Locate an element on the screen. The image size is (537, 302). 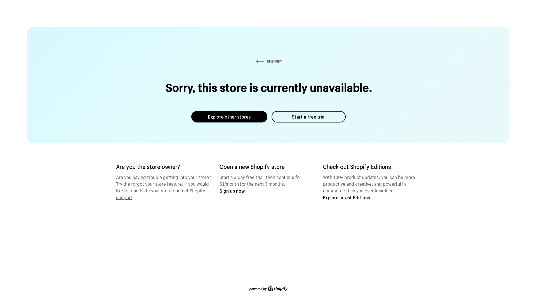
'SHOPIFY' is located at coordinates (268, 62).